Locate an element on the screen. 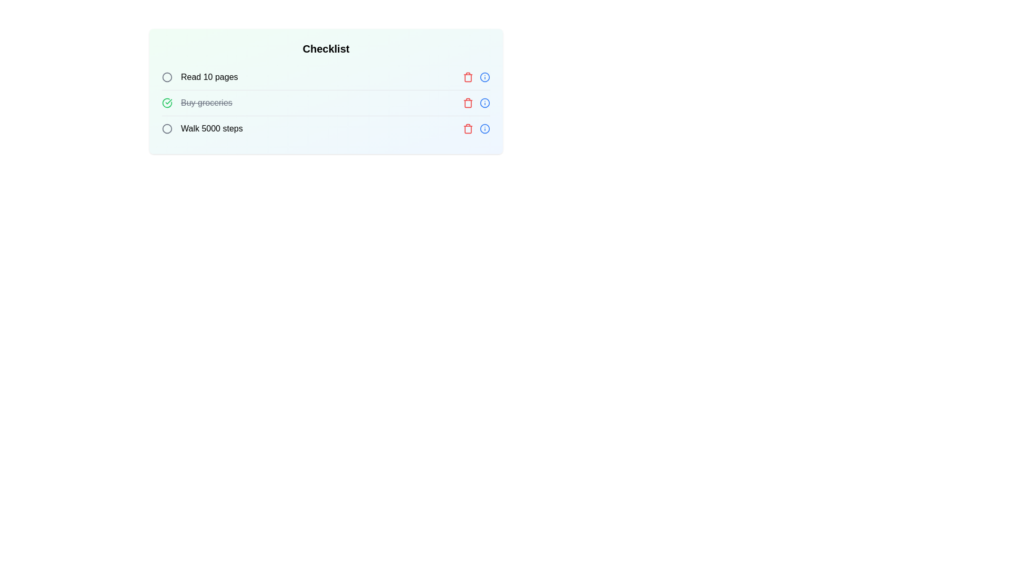 The height and width of the screenshot is (568, 1010). 'Item Info' button for the item labeled 'Read 10 pages' is located at coordinates (484, 76).